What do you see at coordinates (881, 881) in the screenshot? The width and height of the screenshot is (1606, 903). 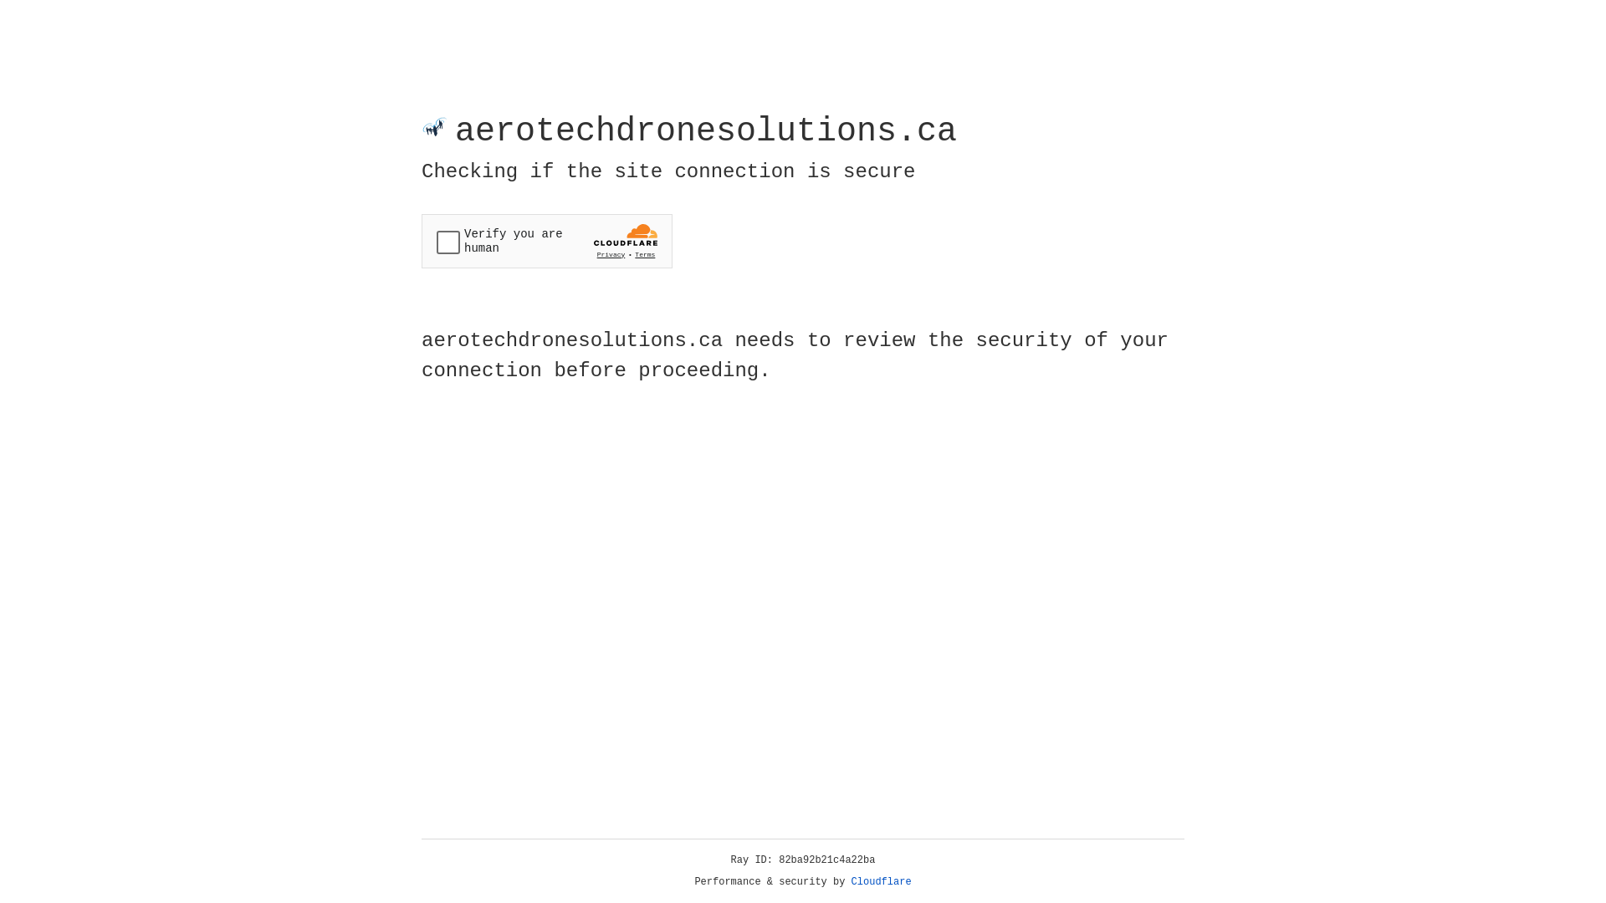 I see `'Cloudflare'` at bounding box center [881, 881].